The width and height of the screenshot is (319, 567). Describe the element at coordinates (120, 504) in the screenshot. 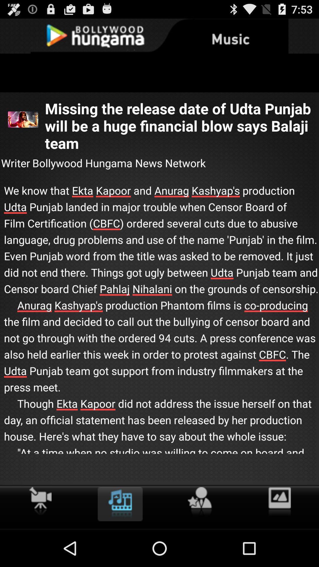

I see `videos and songs by bollywood` at that location.